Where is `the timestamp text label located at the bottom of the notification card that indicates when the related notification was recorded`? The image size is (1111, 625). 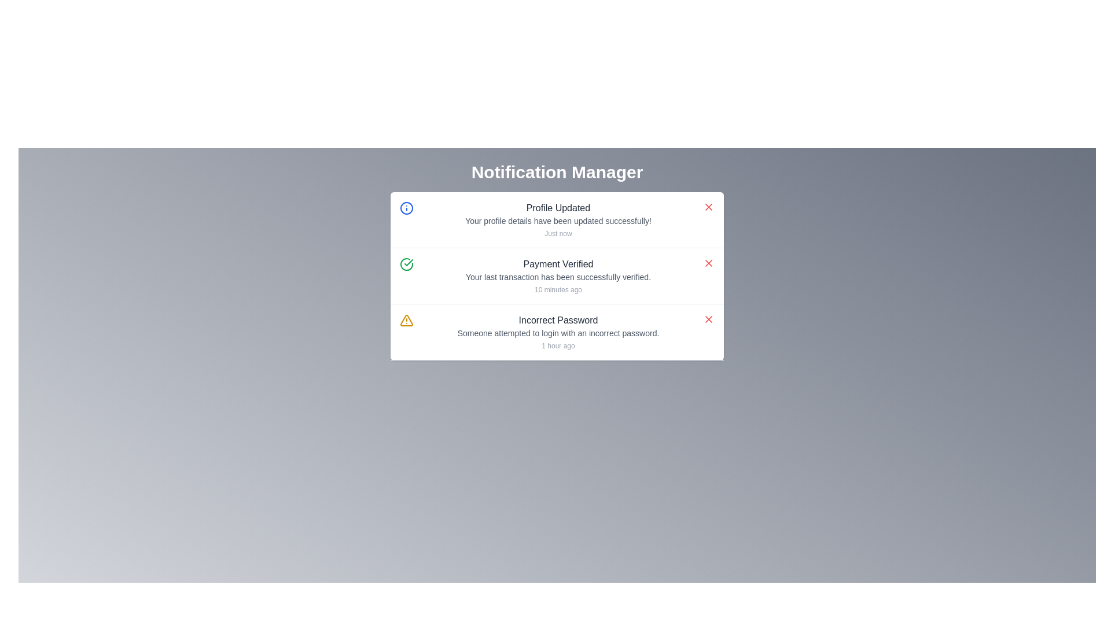
the timestamp text label located at the bottom of the notification card that indicates when the related notification was recorded is located at coordinates (558, 289).